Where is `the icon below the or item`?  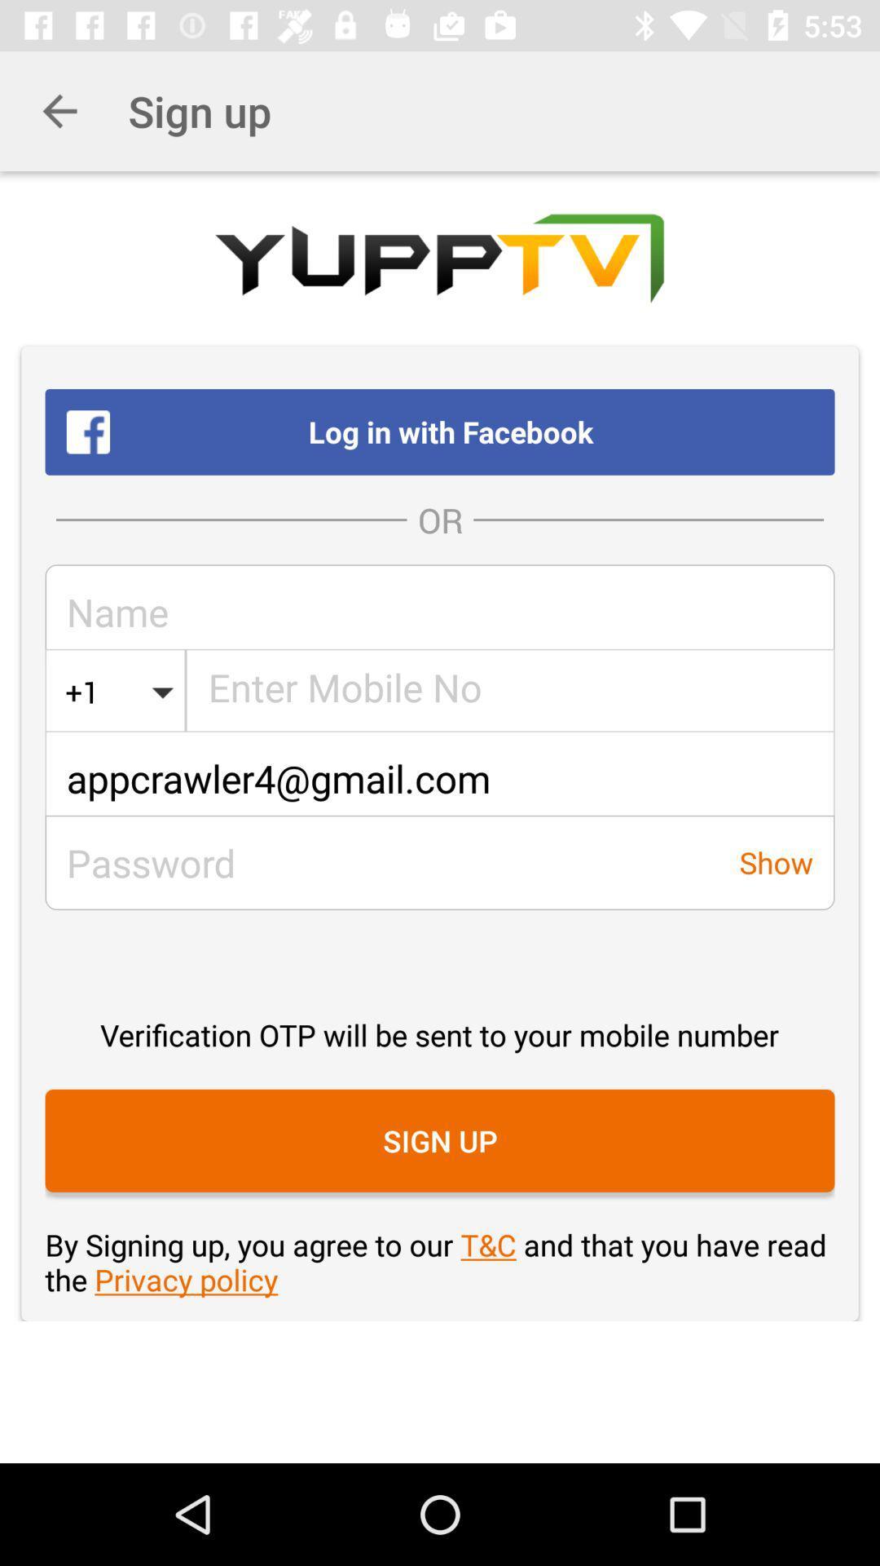 the icon below the or item is located at coordinates (440, 611).